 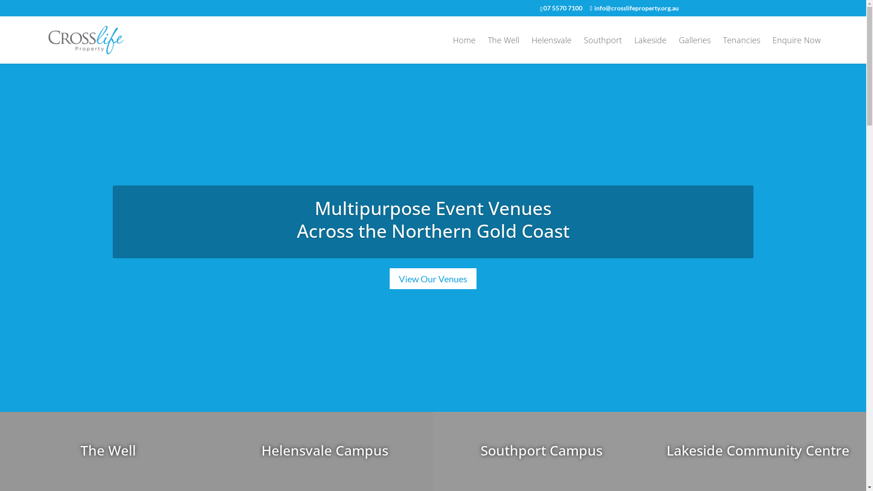 I want to click on 'Lakeside Community Centre', so click(x=758, y=450).